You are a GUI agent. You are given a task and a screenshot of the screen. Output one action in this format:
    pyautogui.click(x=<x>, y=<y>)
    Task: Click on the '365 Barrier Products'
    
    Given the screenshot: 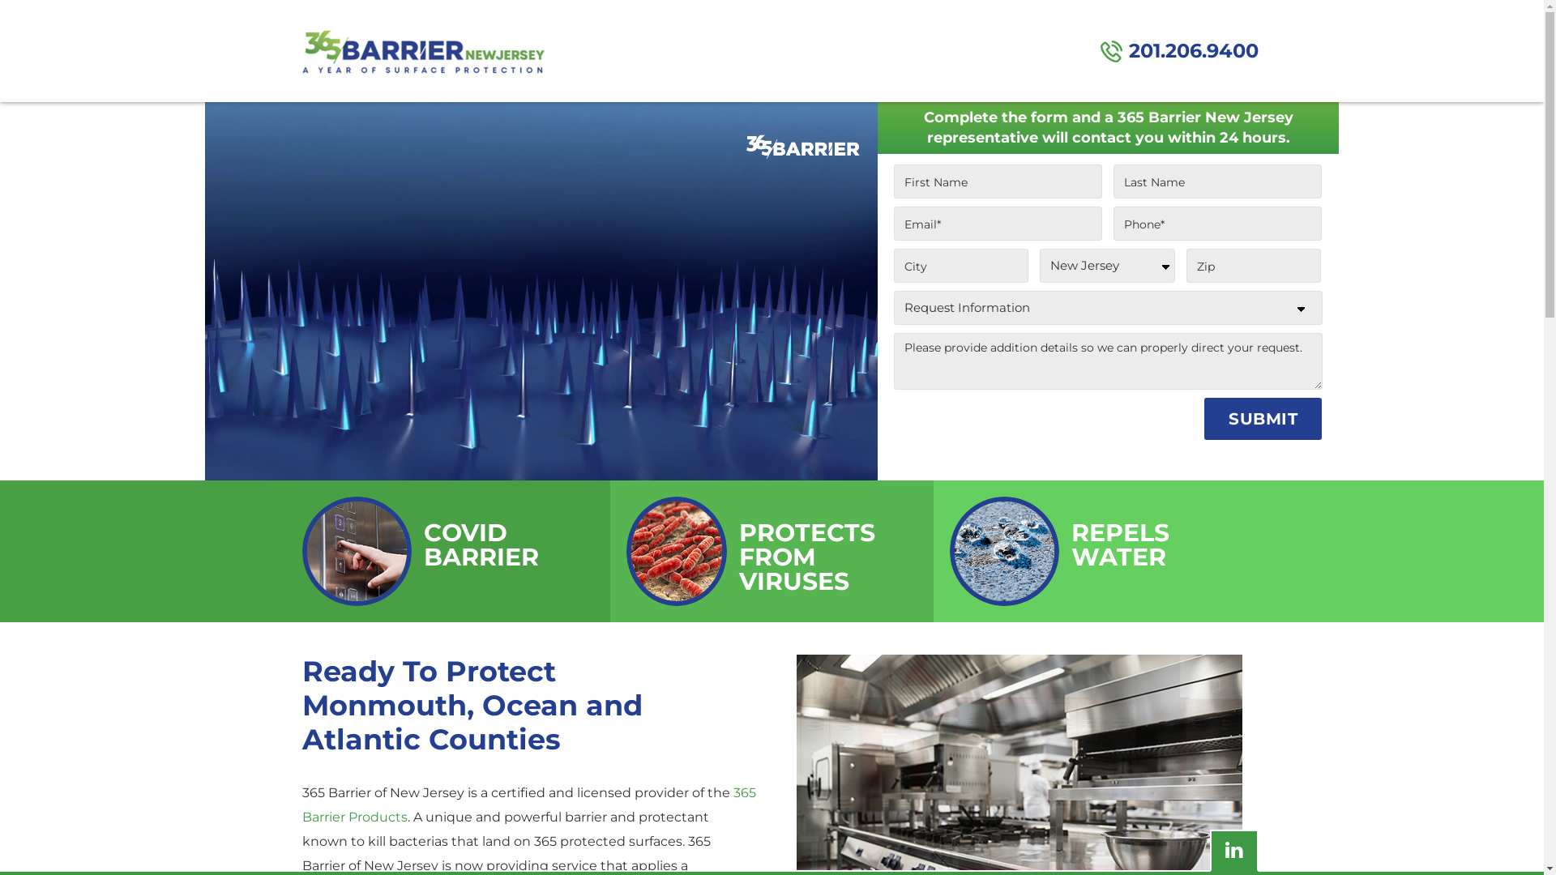 What is the action you would take?
    pyautogui.click(x=528, y=805)
    